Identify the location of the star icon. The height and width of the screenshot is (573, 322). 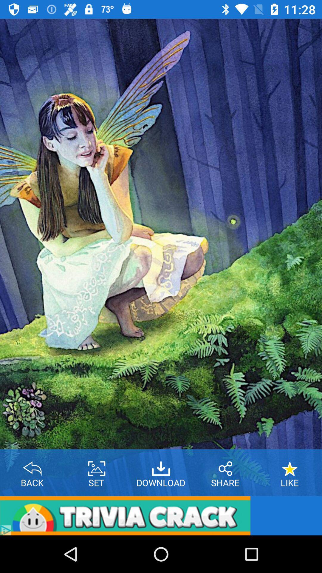
(290, 466).